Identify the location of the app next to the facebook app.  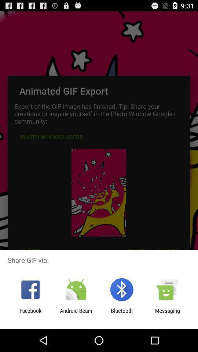
(76, 313).